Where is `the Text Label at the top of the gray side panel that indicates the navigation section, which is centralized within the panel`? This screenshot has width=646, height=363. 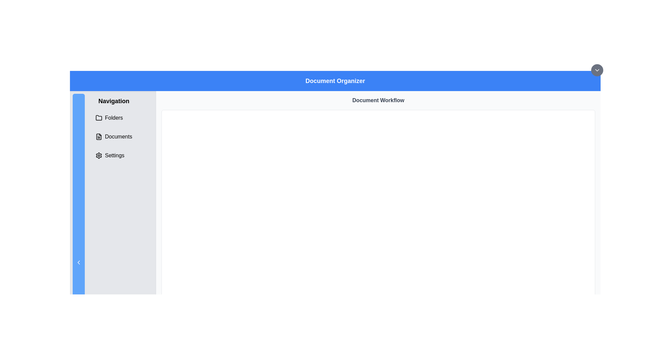 the Text Label at the top of the gray side panel that indicates the navigation section, which is centralized within the panel is located at coordinates (114, 101).